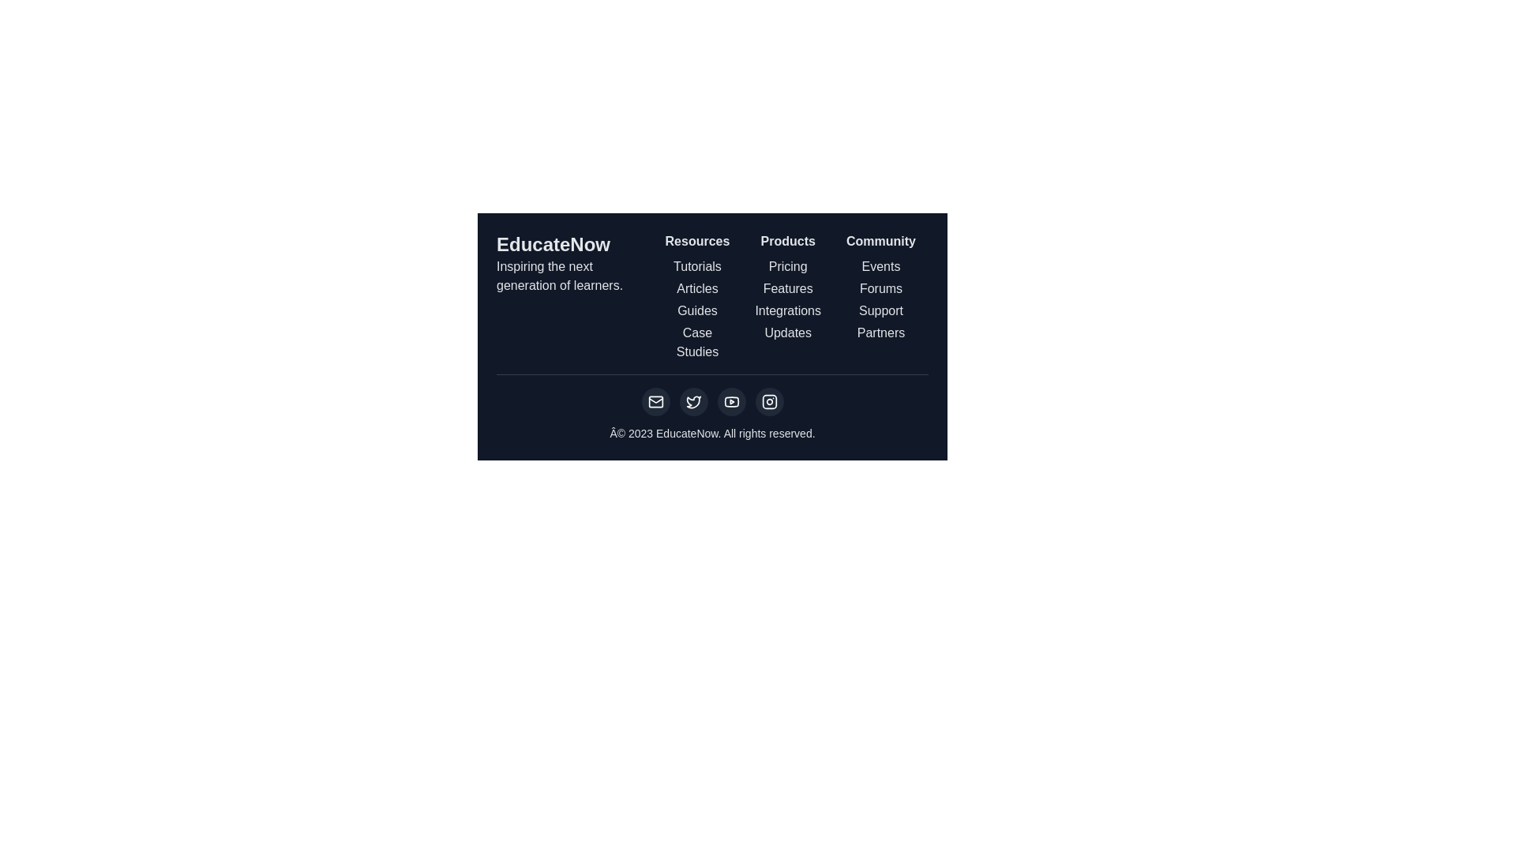 Image resolution: width=1516 pixels, height=853 pixels. What do you see at coordinates (790, 296) in the screenshot?
I see `a link within the Categorized navigation links section located in the footer of the page, which includes columns titled 'Resources', 'Products', and 'Community'` at bounding box center [790, 296].